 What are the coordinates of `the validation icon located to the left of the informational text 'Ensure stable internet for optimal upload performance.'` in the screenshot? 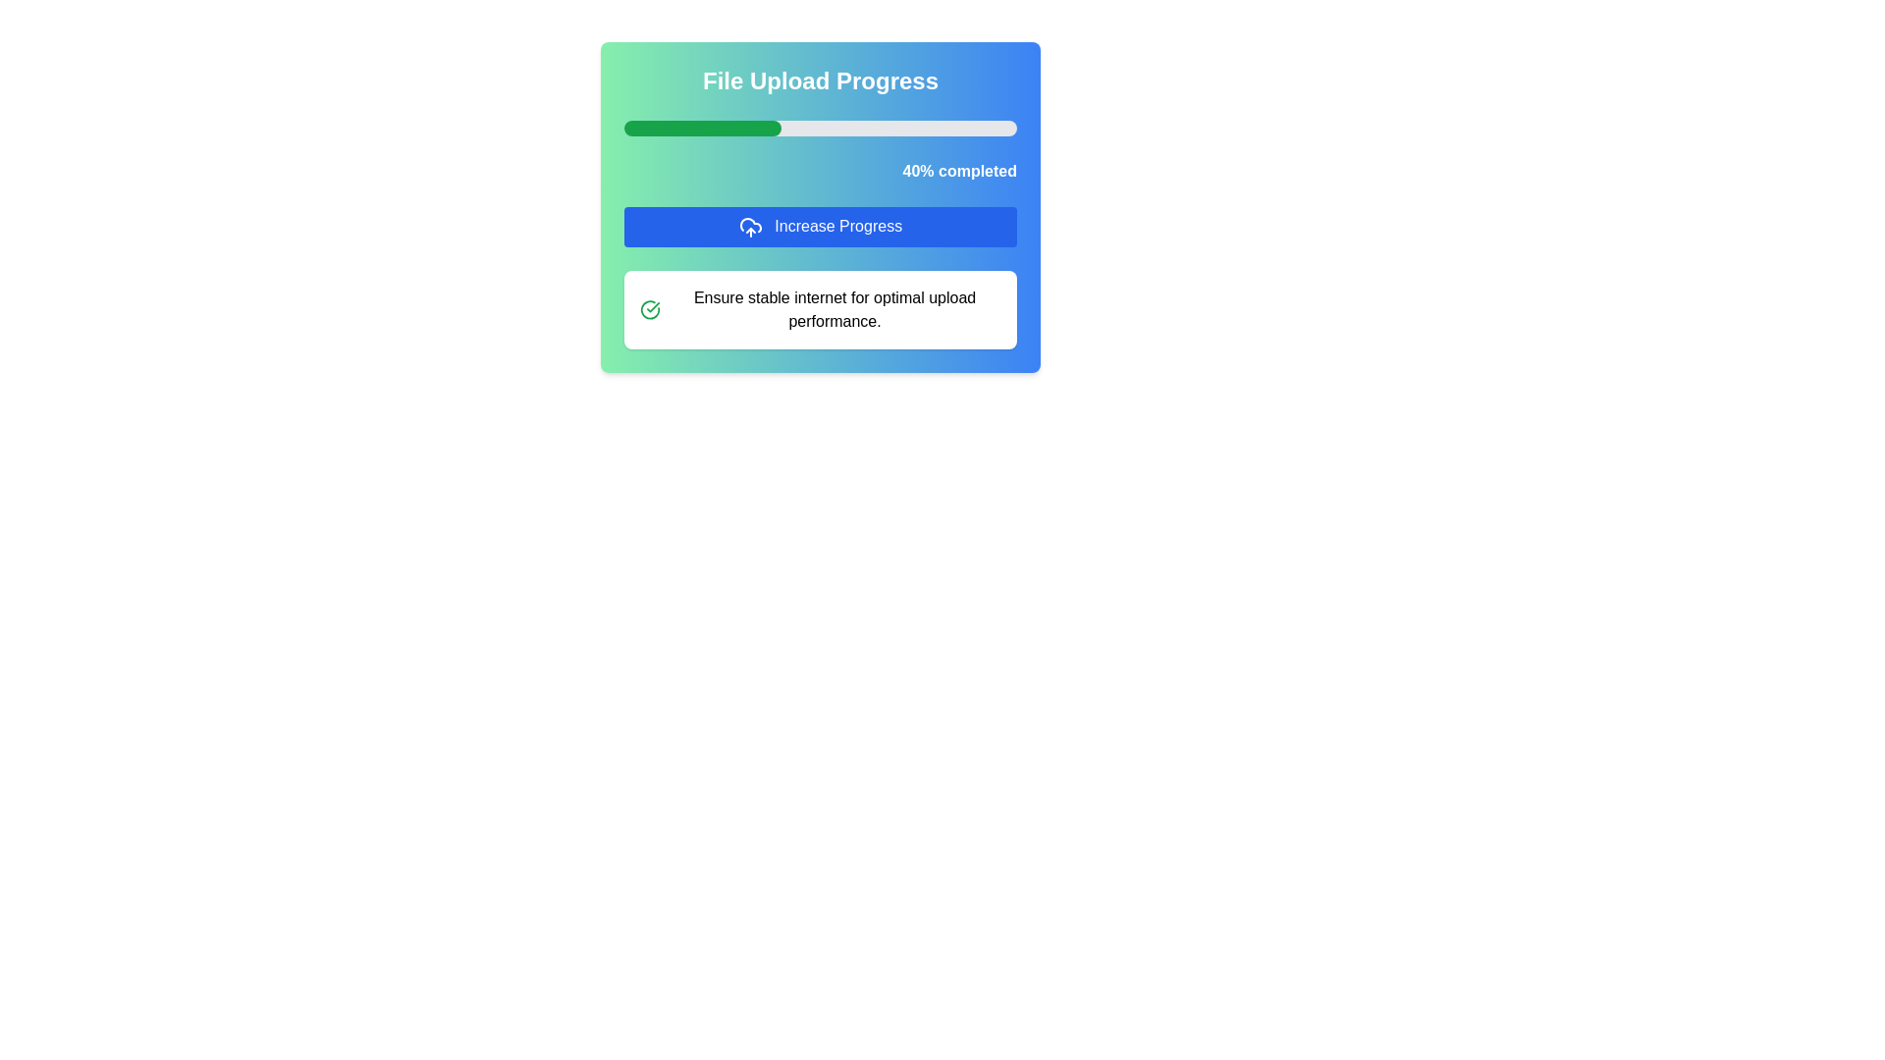 It's located at (650, 309).